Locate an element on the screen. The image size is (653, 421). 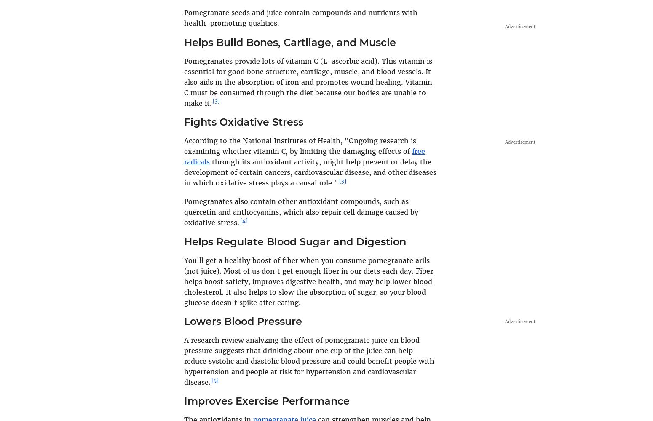
'Improves Exercise Performance' is located at coordinates (266, 400).